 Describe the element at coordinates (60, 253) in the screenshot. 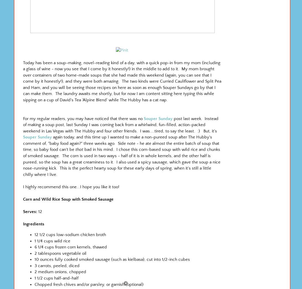

I see `'2 tablespoons vegetable oil'` at that location.